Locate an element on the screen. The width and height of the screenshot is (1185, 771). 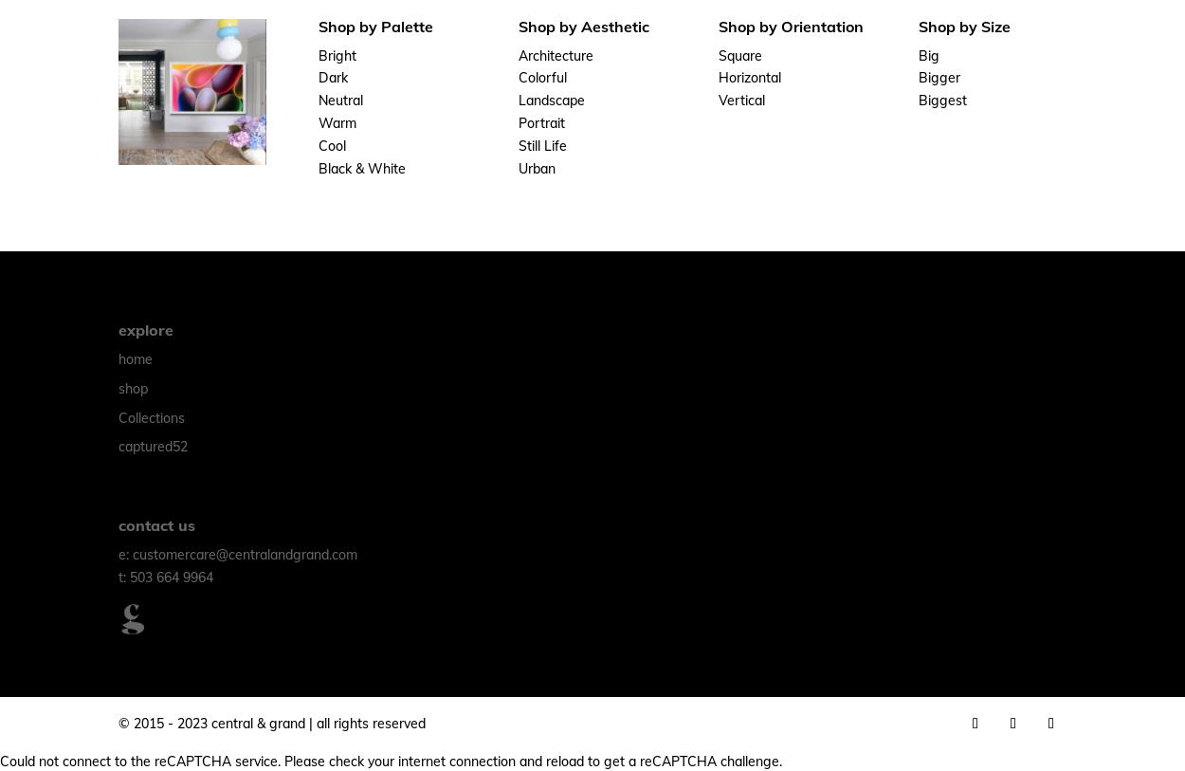
'Shop by Aesthetic' is located at coordinates (583, 25).